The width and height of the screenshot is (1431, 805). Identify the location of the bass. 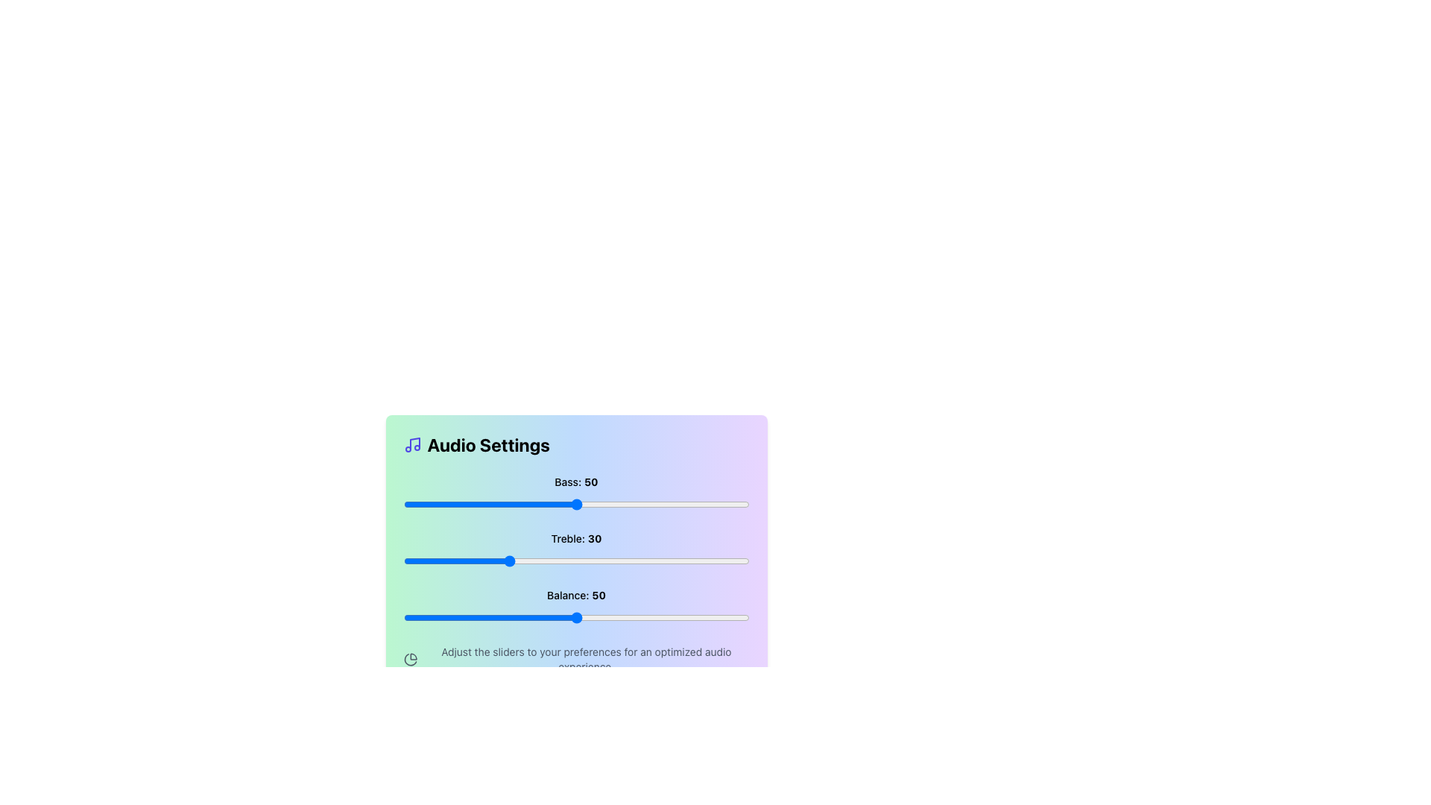
(658, 504).